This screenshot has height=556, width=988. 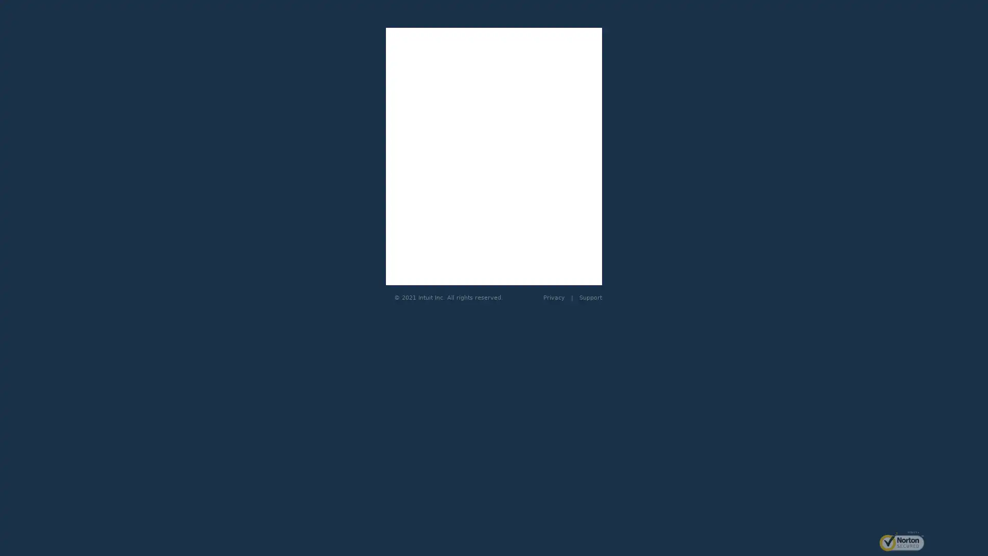 I want to click on Sign In, so click(x=494, y=269).